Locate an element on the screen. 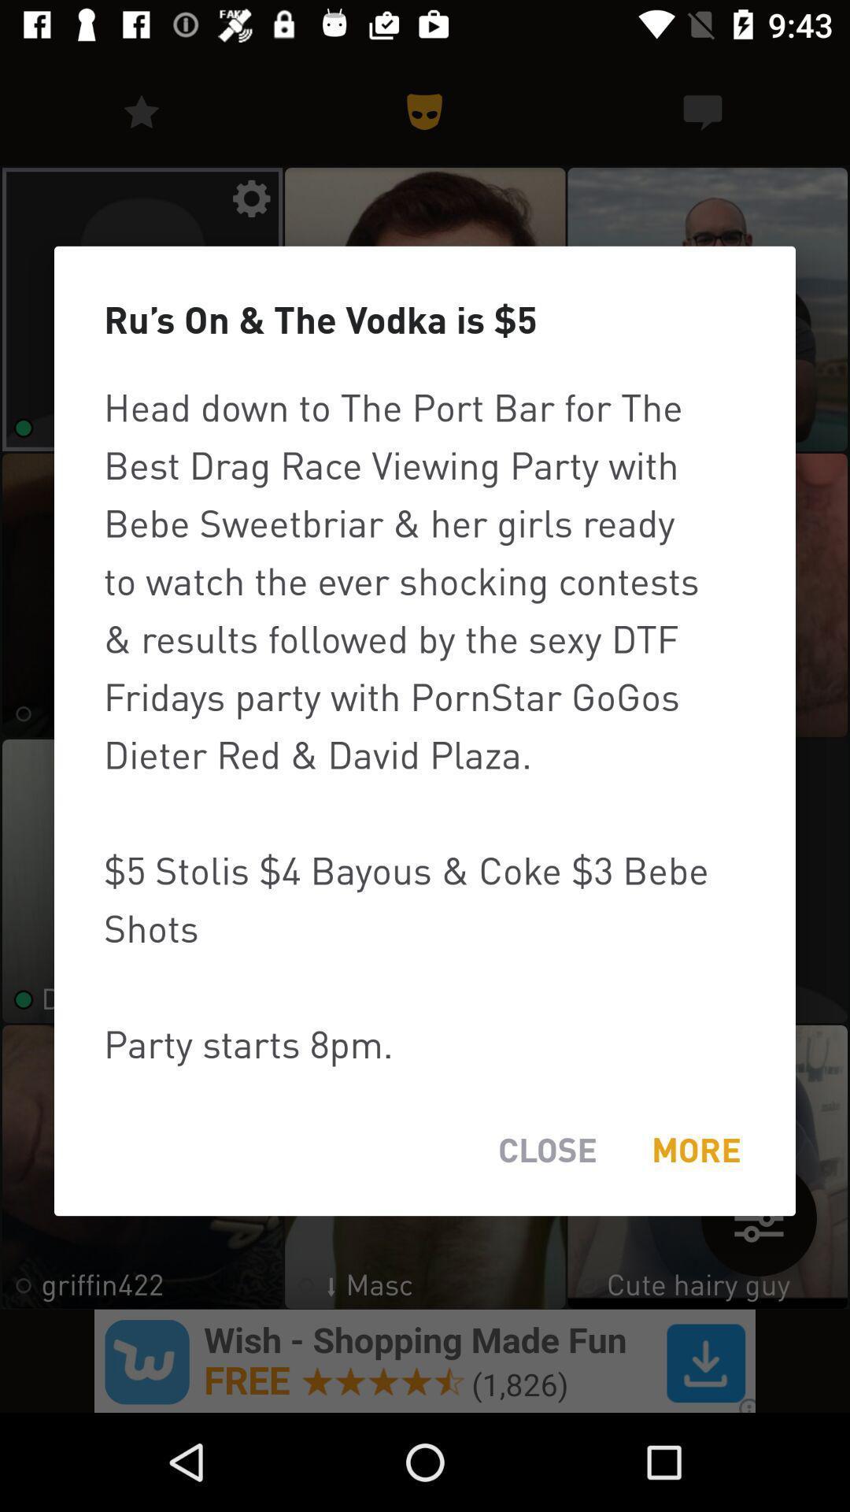 This screenshot has height=1512, width=850. head down to item is located at coordinates (425, 724).